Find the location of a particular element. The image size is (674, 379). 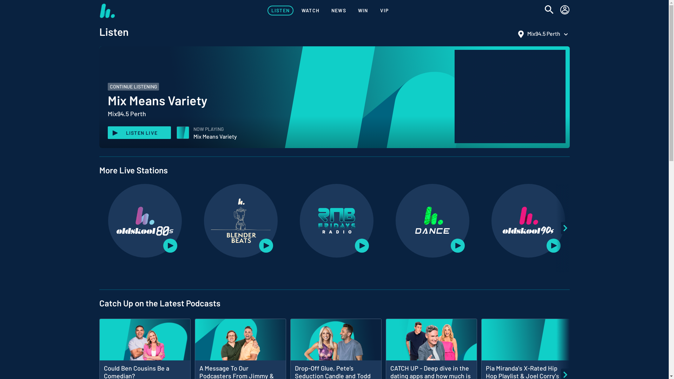

'RnB Fridays Radio' is located at coordinates (336, 220).